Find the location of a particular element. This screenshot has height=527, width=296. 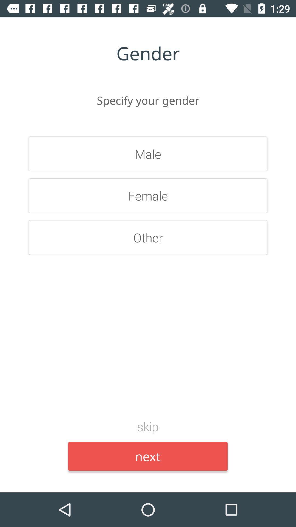

the skip icon is located at coordinates (147, 426).